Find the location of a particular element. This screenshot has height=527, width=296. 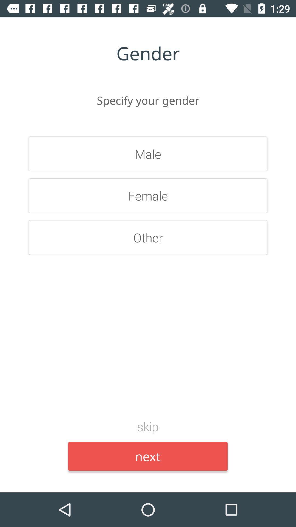

the skip icon is located at coordinates (147, 426).